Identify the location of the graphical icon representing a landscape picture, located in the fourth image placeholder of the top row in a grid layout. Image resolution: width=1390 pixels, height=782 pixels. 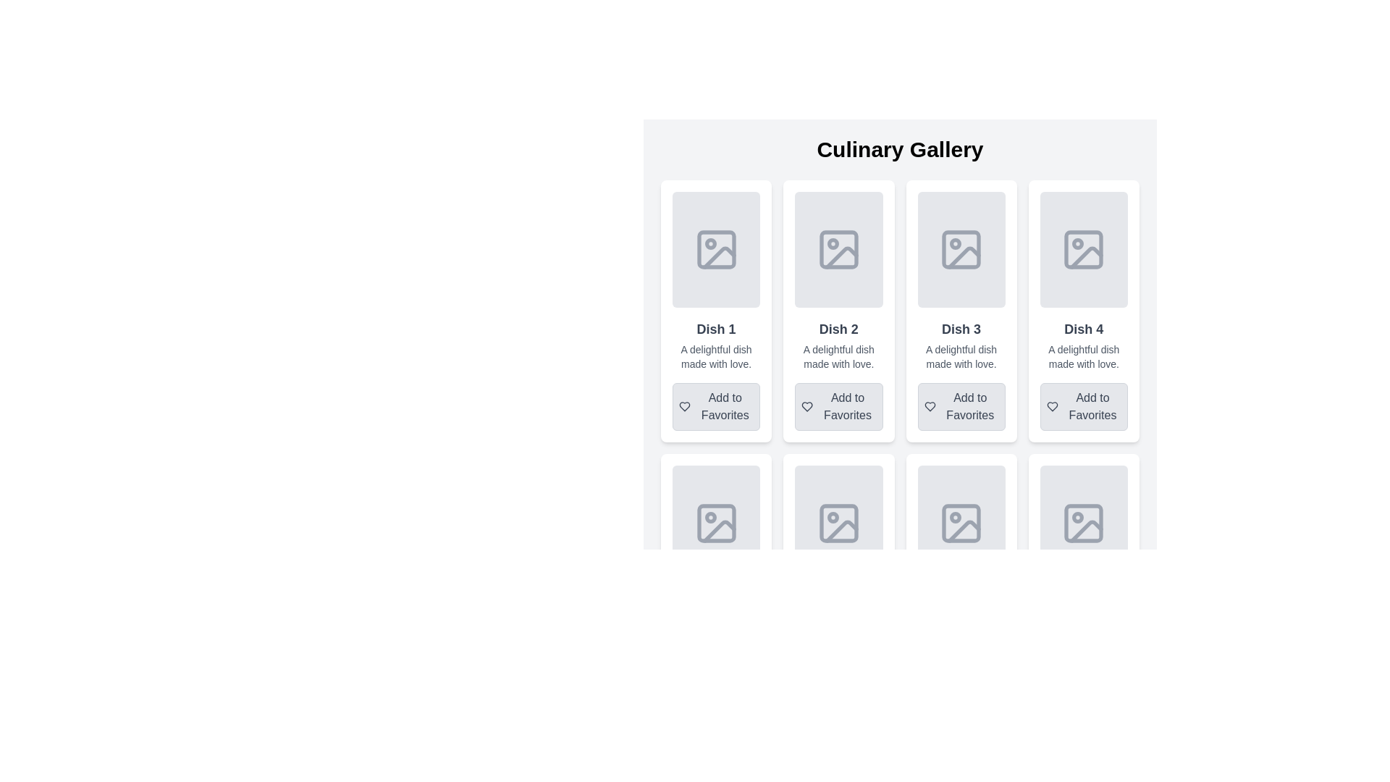
(1087, 257).